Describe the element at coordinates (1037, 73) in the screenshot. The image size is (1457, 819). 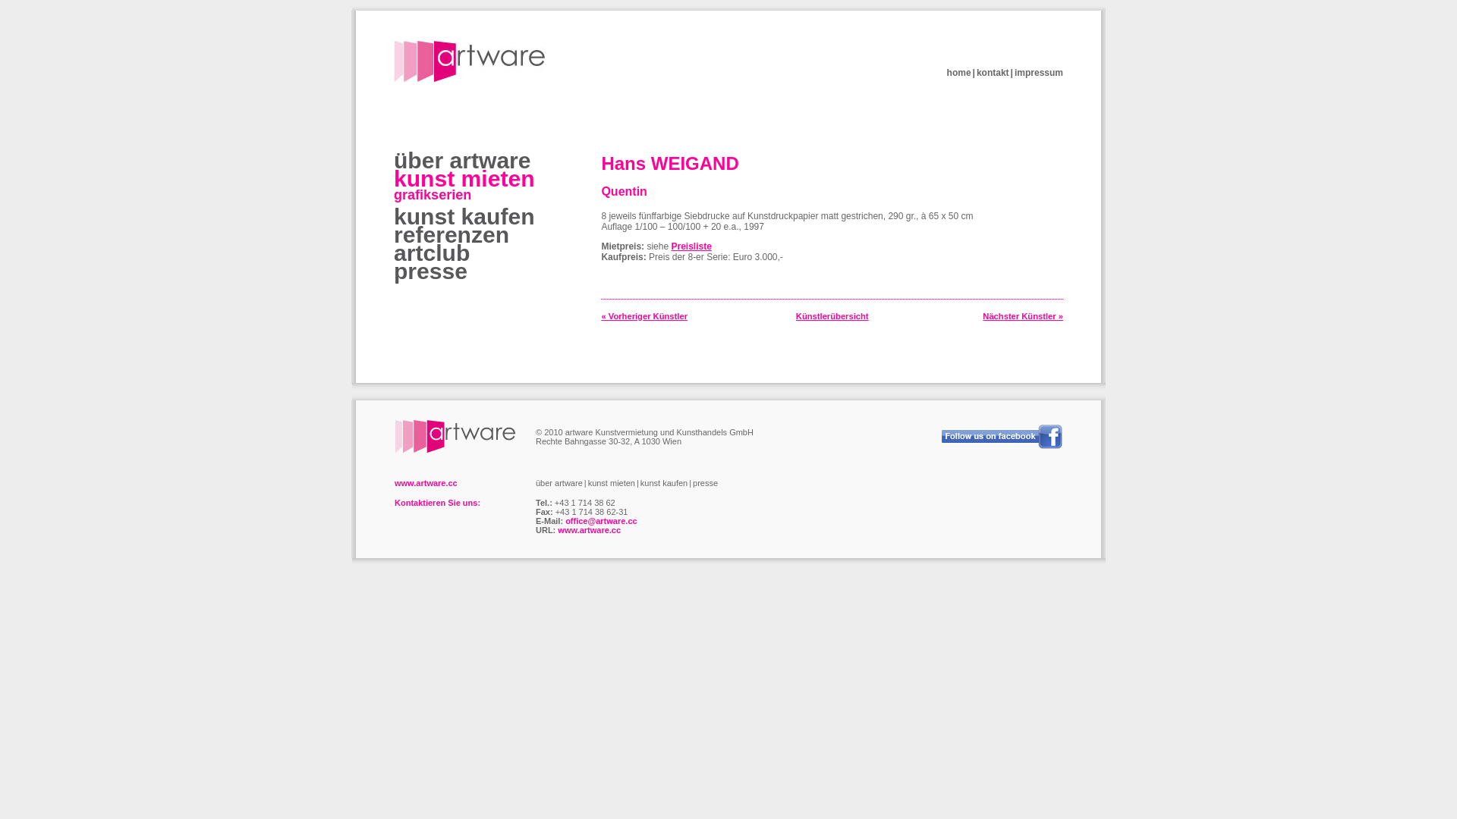
I see `'impressum'` at that location.